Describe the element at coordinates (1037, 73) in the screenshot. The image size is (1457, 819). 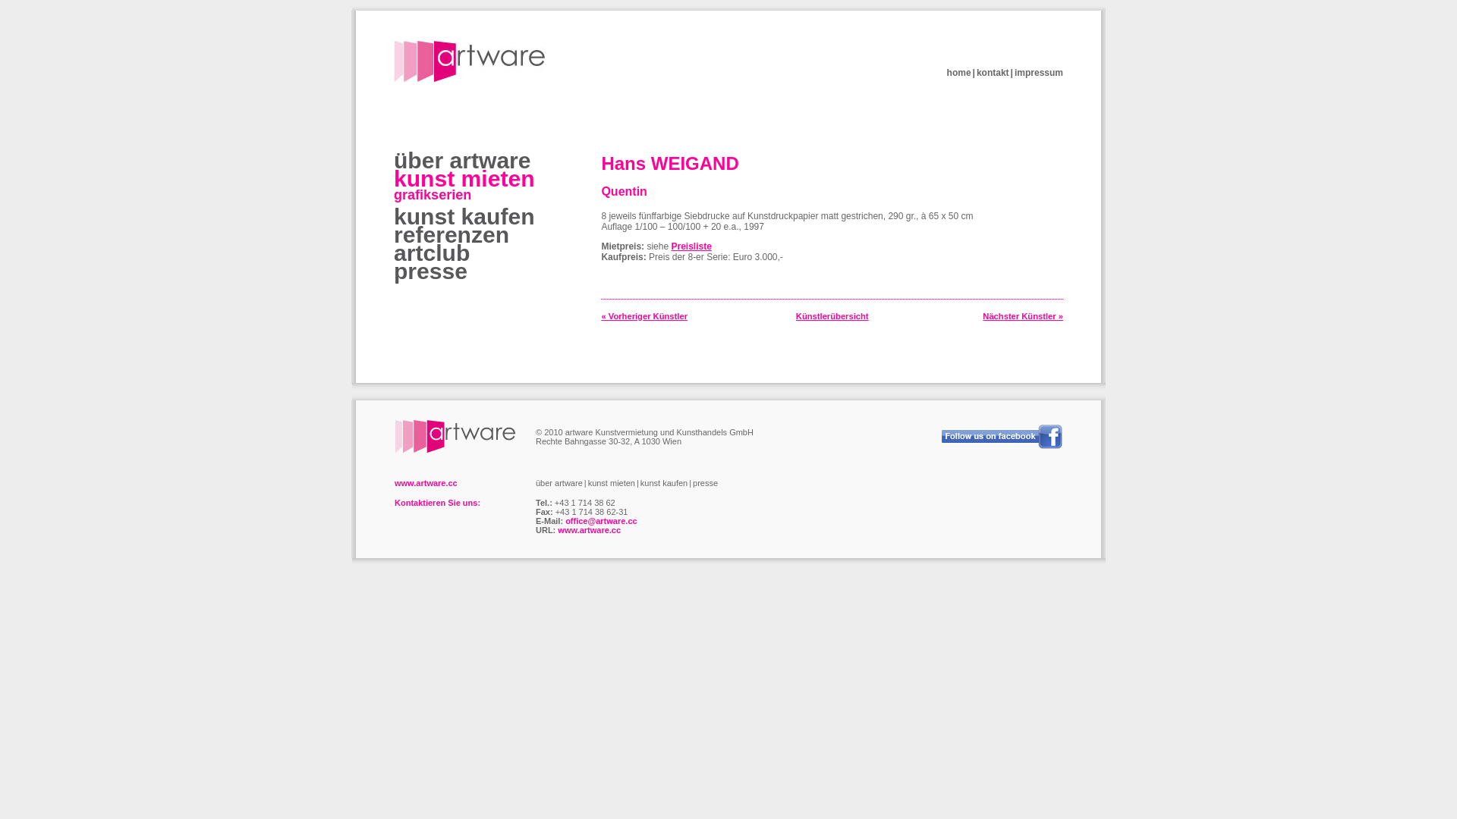
I see `'impressum'` at that location.